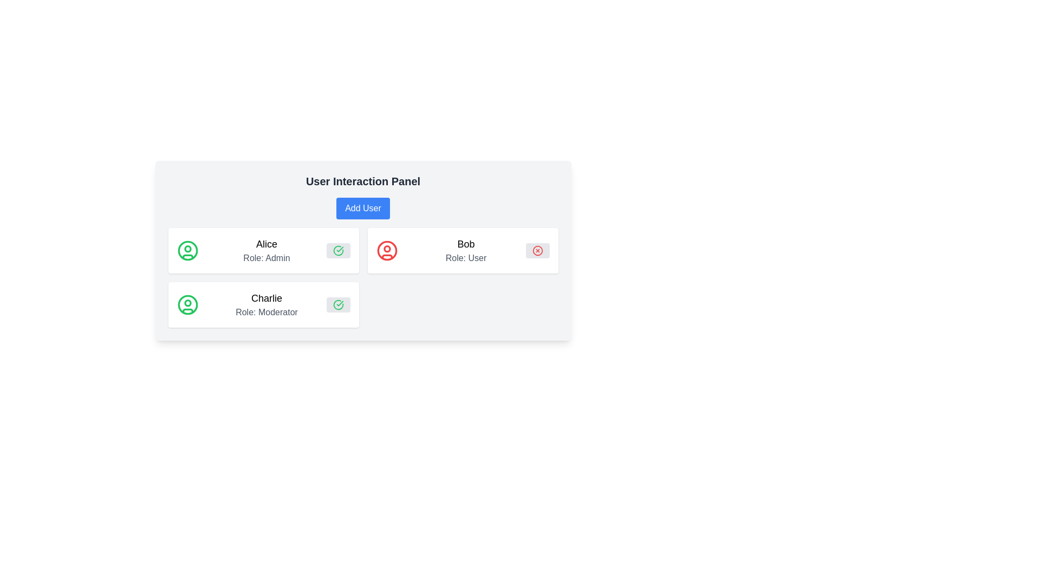  I want to click on the user's name text label in the user information display card, which is located in the upper-left quadrant of the interface, so click(266, 244).